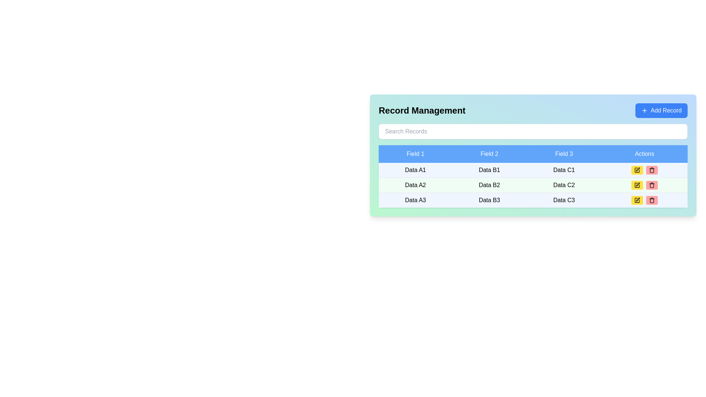  I want to click on the last cell of the table row that is located directly below the row containing 'Data A2', 'Data B2', and 'Data C2', so click(533, 200).